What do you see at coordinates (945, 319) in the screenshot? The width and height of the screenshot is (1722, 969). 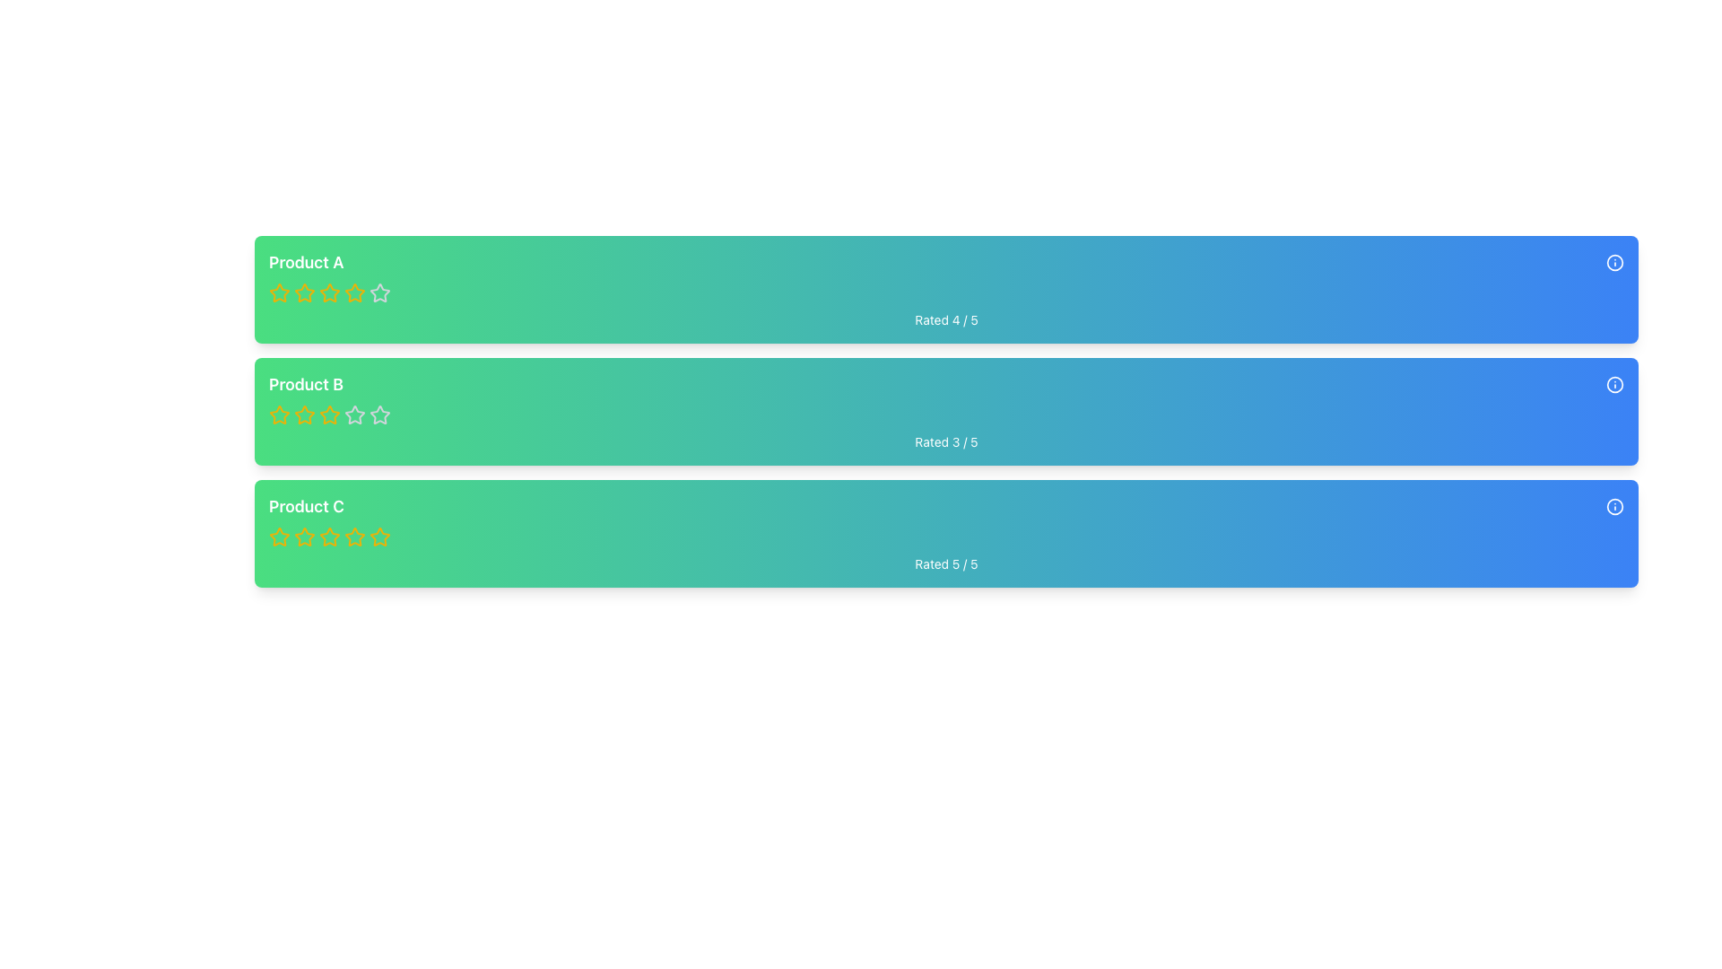 I see `the text label displaying the average rating for 'Product A', which is located below the 5-star rating representation` at bounding box center [945, 319].